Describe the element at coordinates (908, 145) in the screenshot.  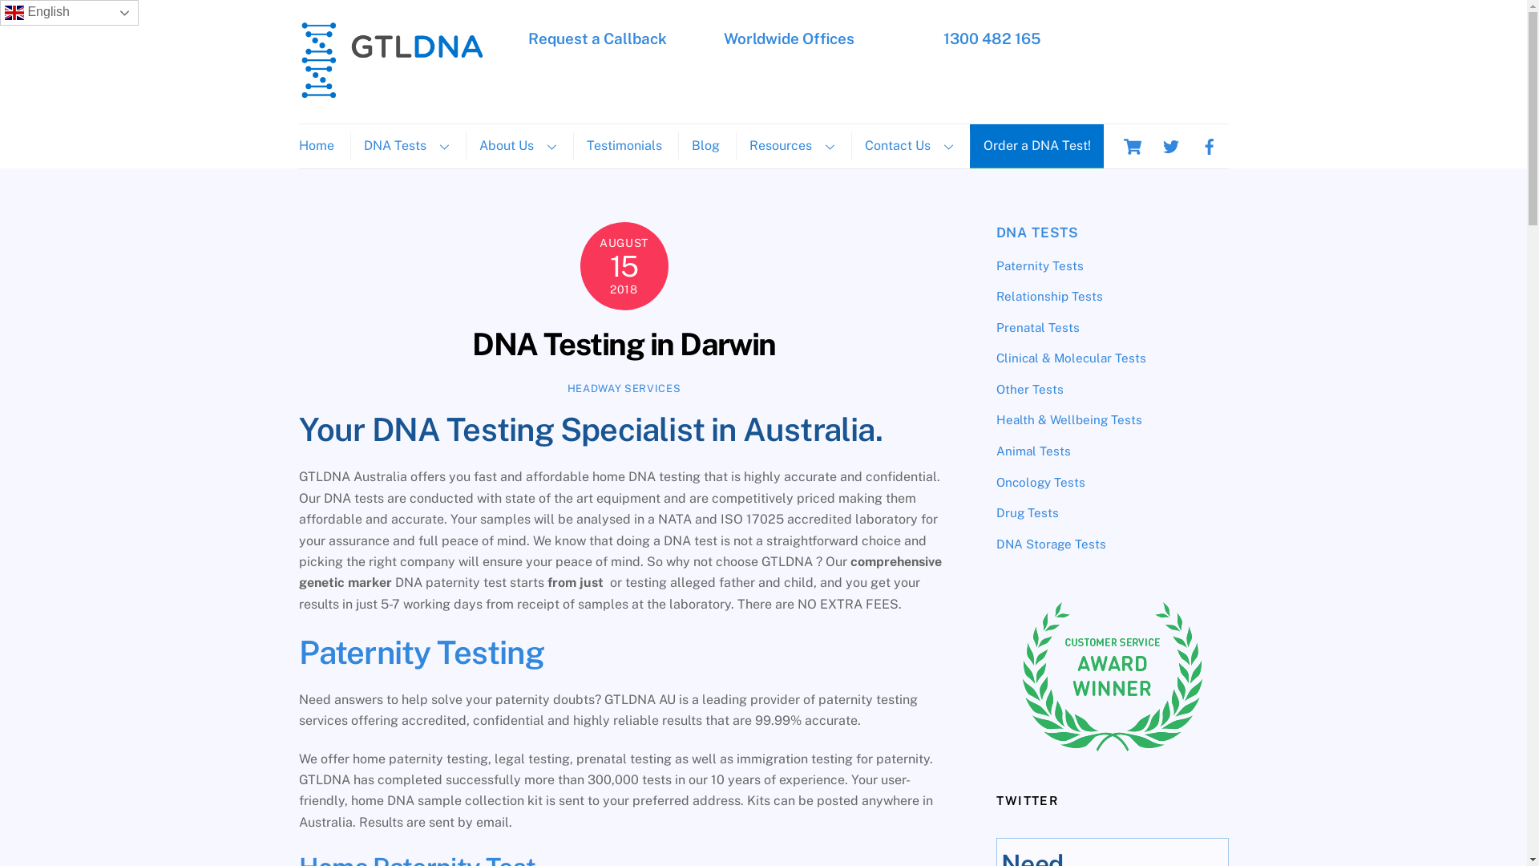
I see `'Contact Us'` at that location.